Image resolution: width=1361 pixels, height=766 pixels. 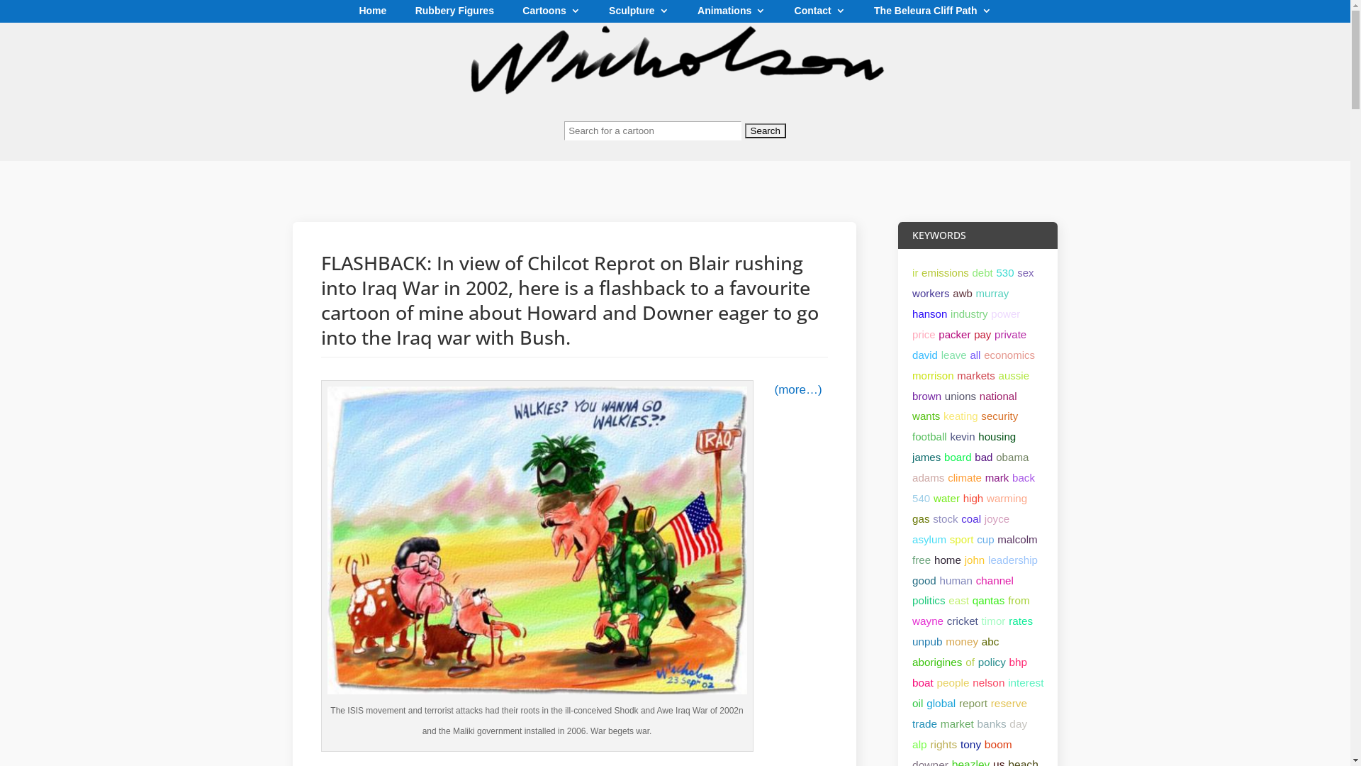 I want to click on 'power', so click(x=990, y=313).